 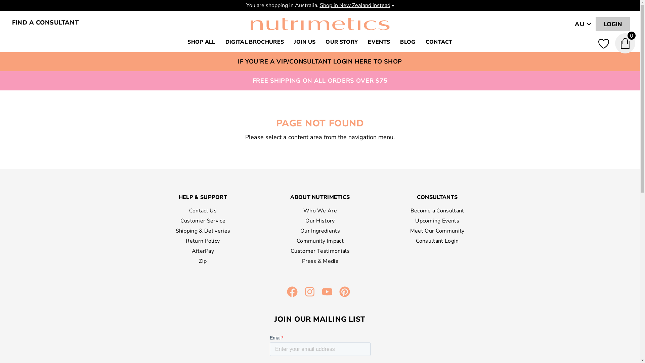 What do you see at coordinates (202, 220) in the screenshot?
I see `'Customer Service'` at bounding box center [202, 220].